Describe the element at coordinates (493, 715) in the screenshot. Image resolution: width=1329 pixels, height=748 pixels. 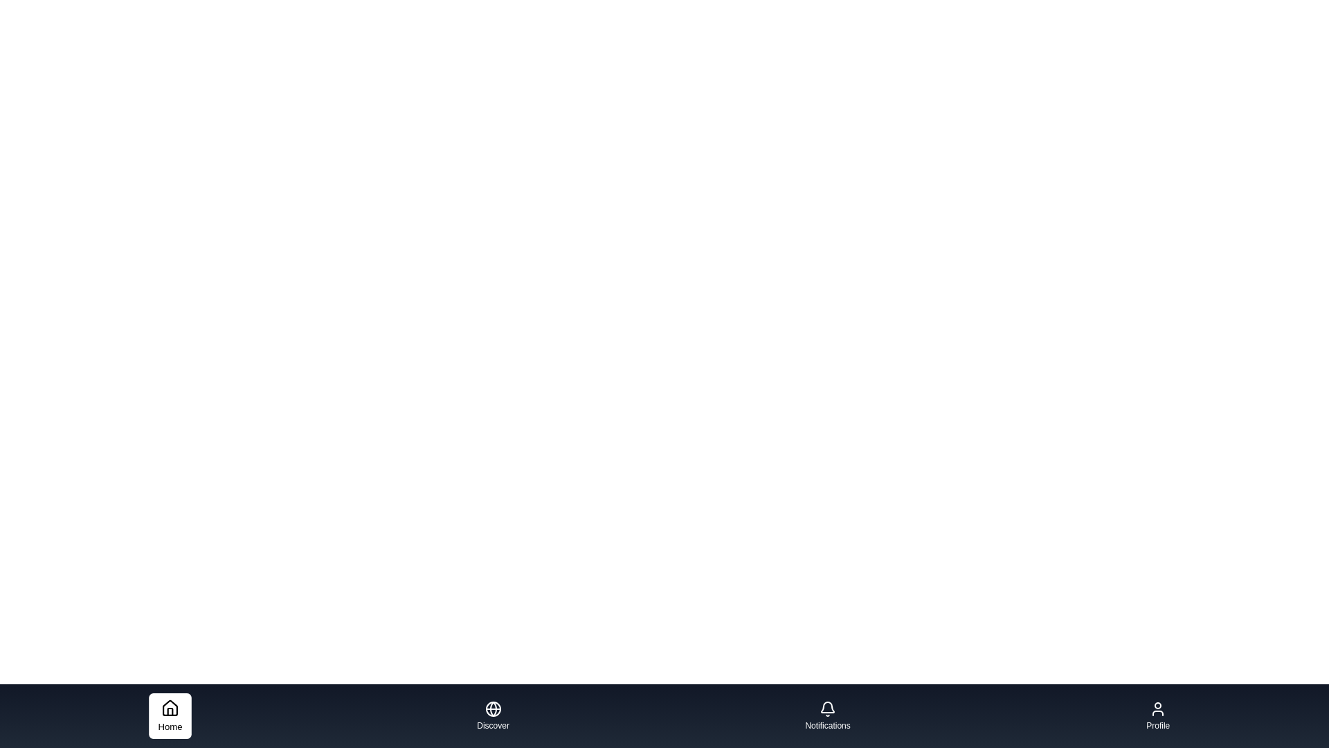
I see `the Discover navigation tab to activate it` at that location.